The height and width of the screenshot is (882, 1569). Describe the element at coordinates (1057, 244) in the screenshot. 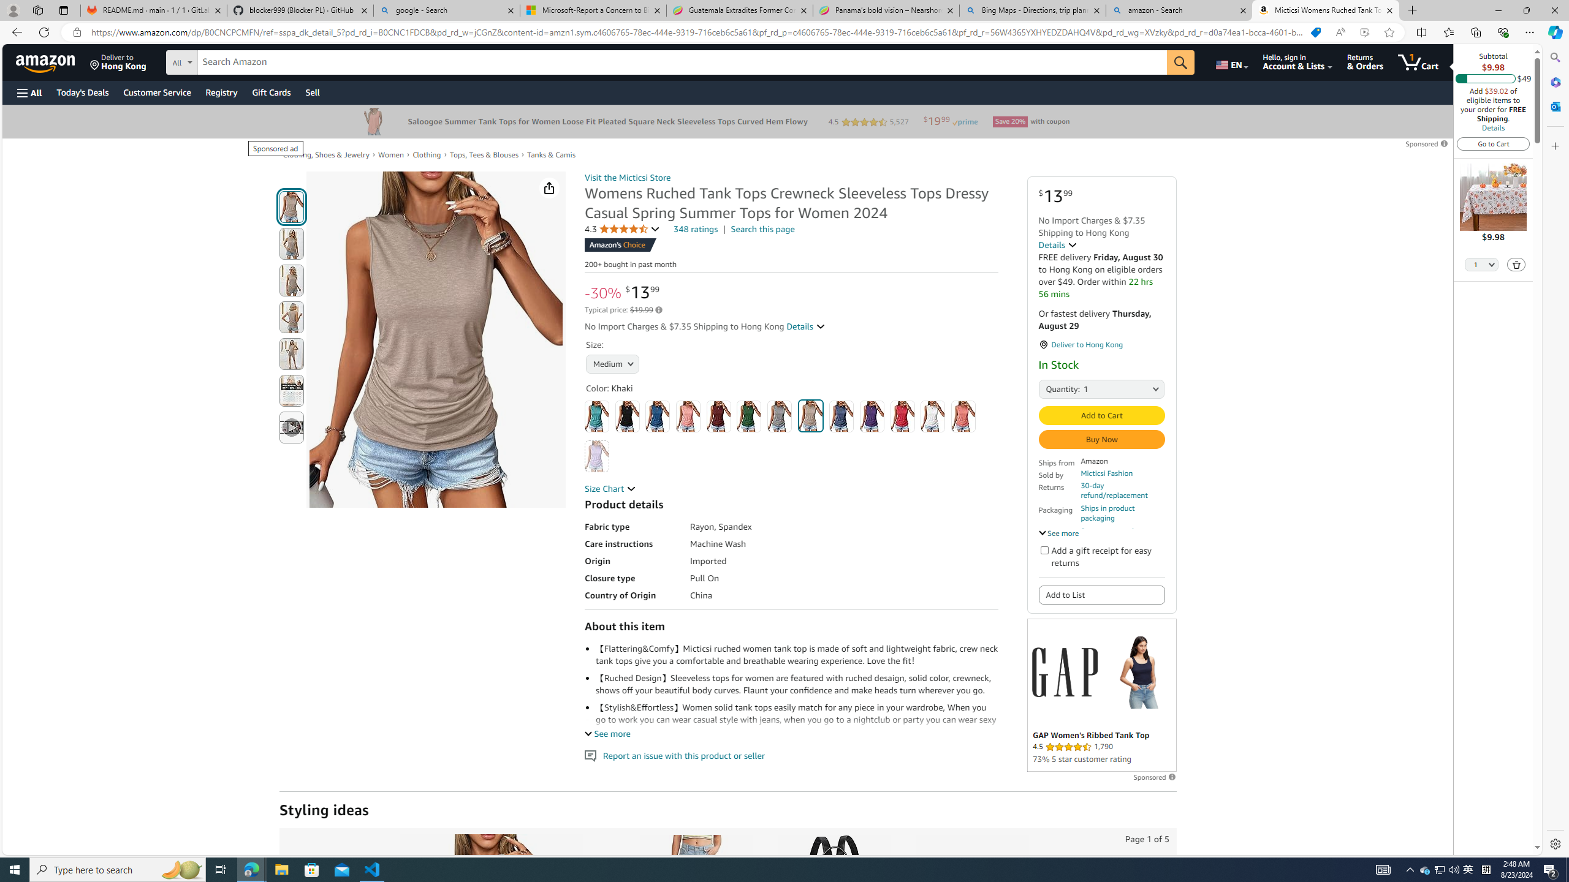

I see `'Details '` at that location.